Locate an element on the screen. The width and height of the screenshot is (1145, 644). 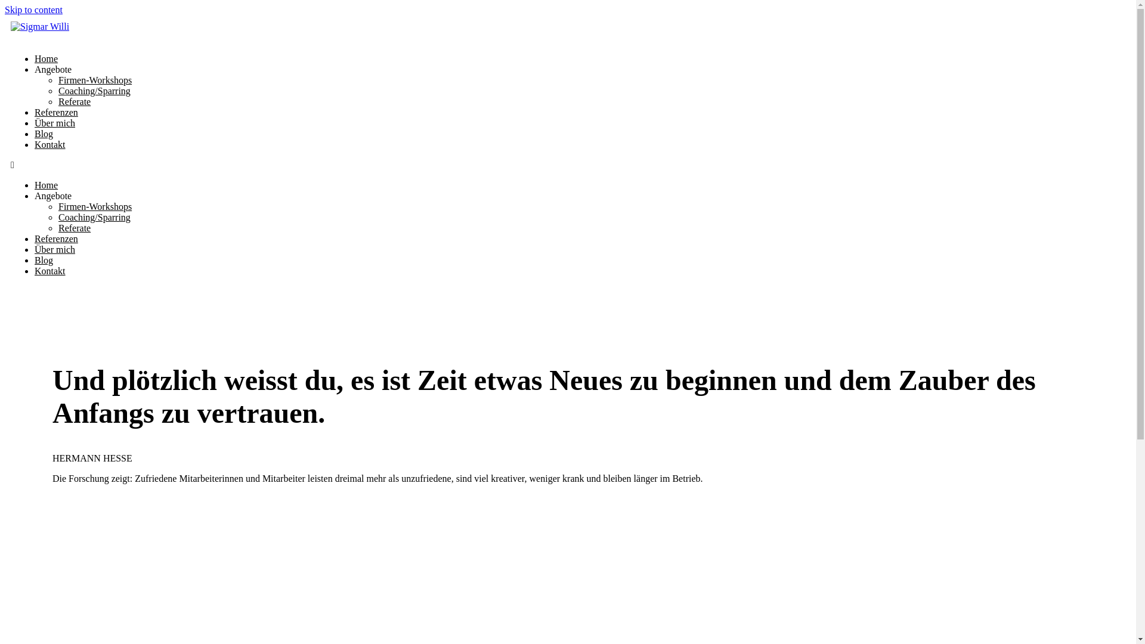
'Referenzen' is located at coordinates (55, 112).